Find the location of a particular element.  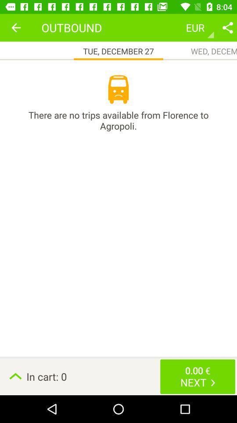

the icon to the left of the outbound icon is located at coordinates (16, 27).